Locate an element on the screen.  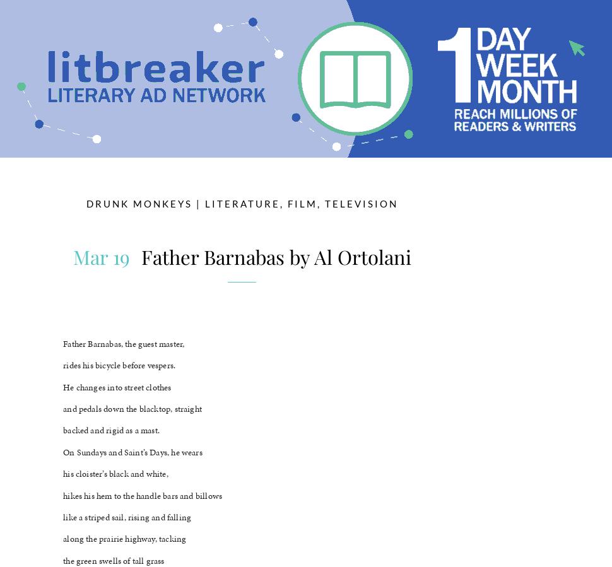
'rides his bicycle before vespers.' is located at coordinates (118, 365).